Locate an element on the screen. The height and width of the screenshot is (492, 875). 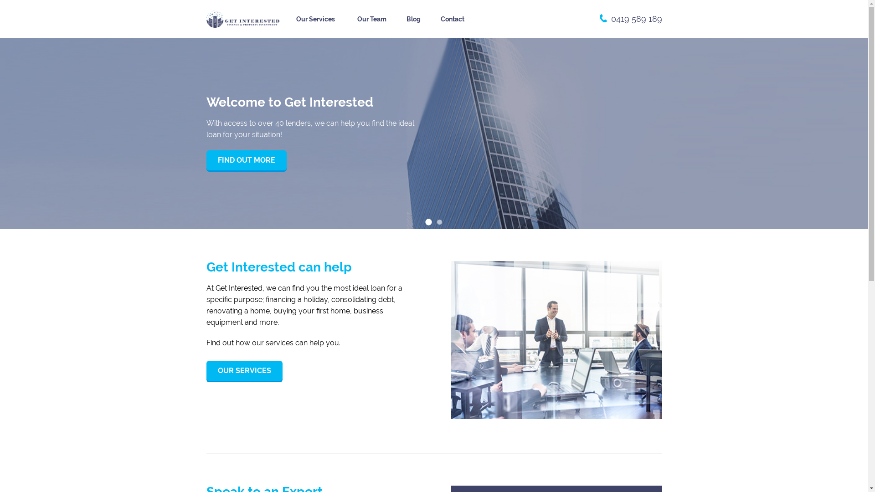
'Blog' is located at coordinates (413, 19).